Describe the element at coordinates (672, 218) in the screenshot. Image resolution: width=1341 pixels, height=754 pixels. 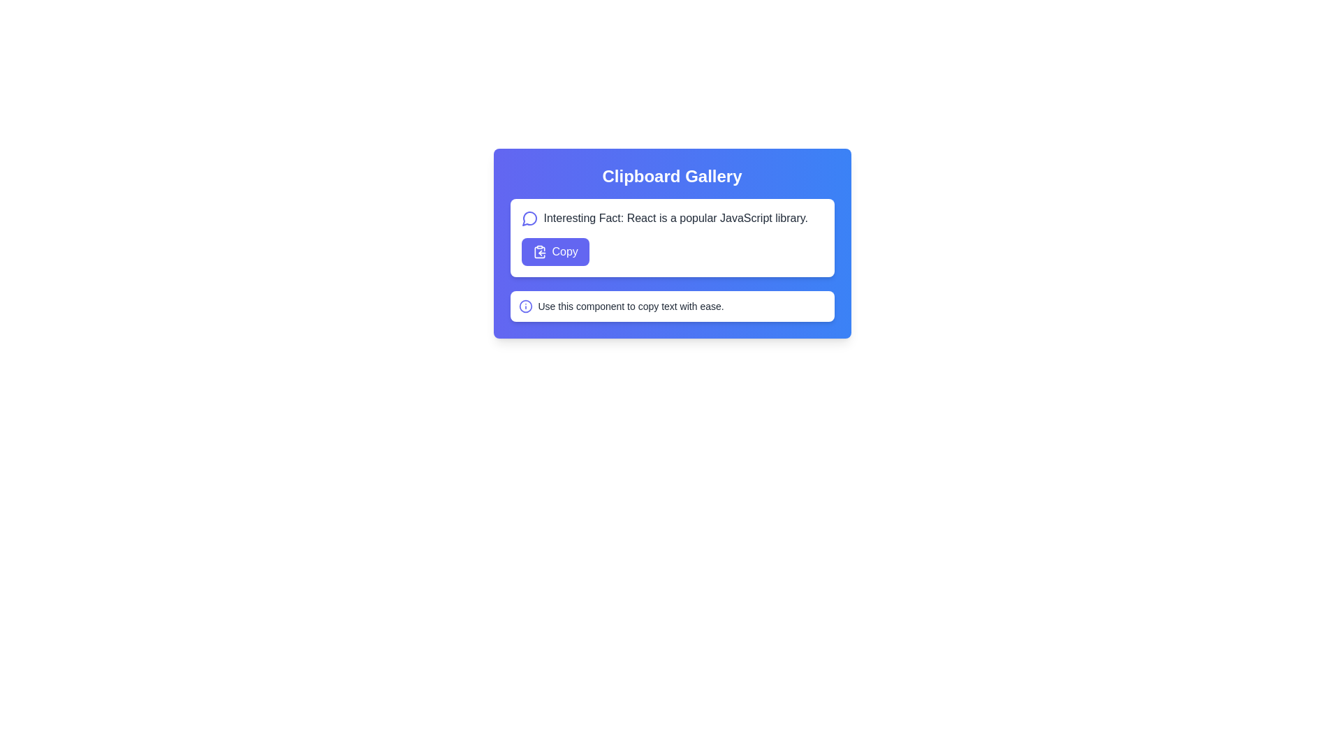
I see `the text snippet reading 'Interesting Fact: React is a popular JavaScript library.' paired with the indigo-tinted chat bubble icon` at that location.